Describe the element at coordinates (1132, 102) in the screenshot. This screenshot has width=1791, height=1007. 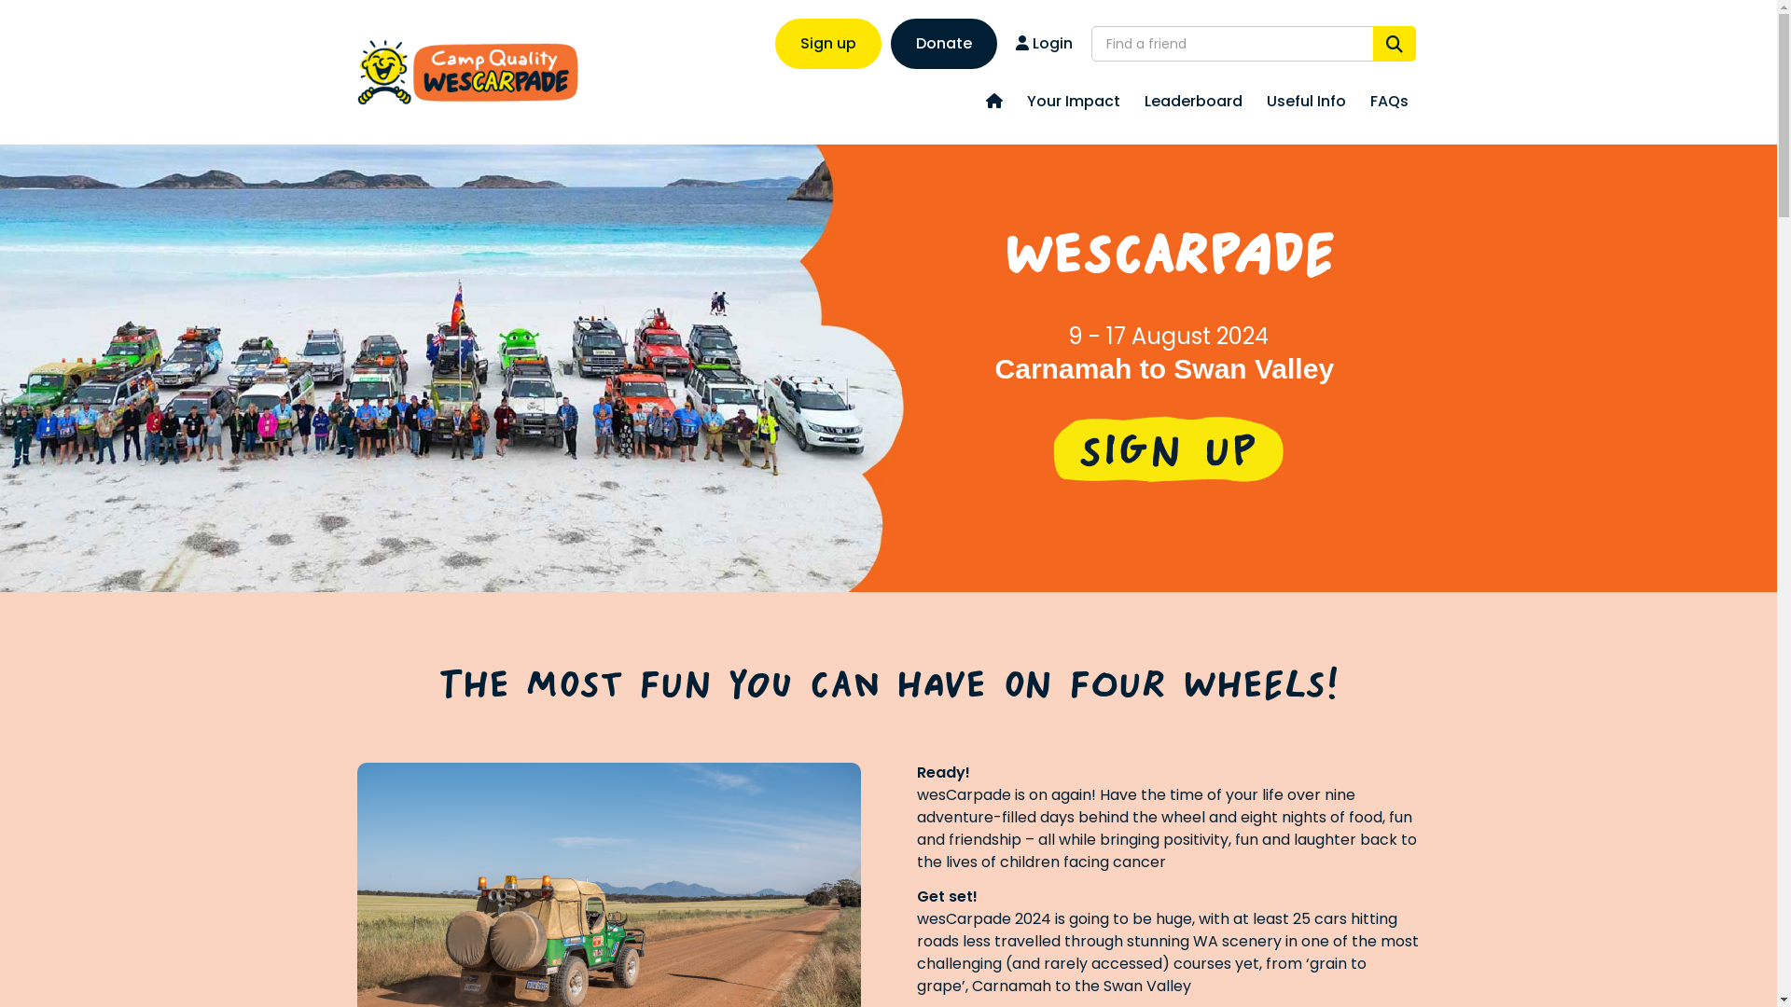
I see `'Leaderboard'` at that location.